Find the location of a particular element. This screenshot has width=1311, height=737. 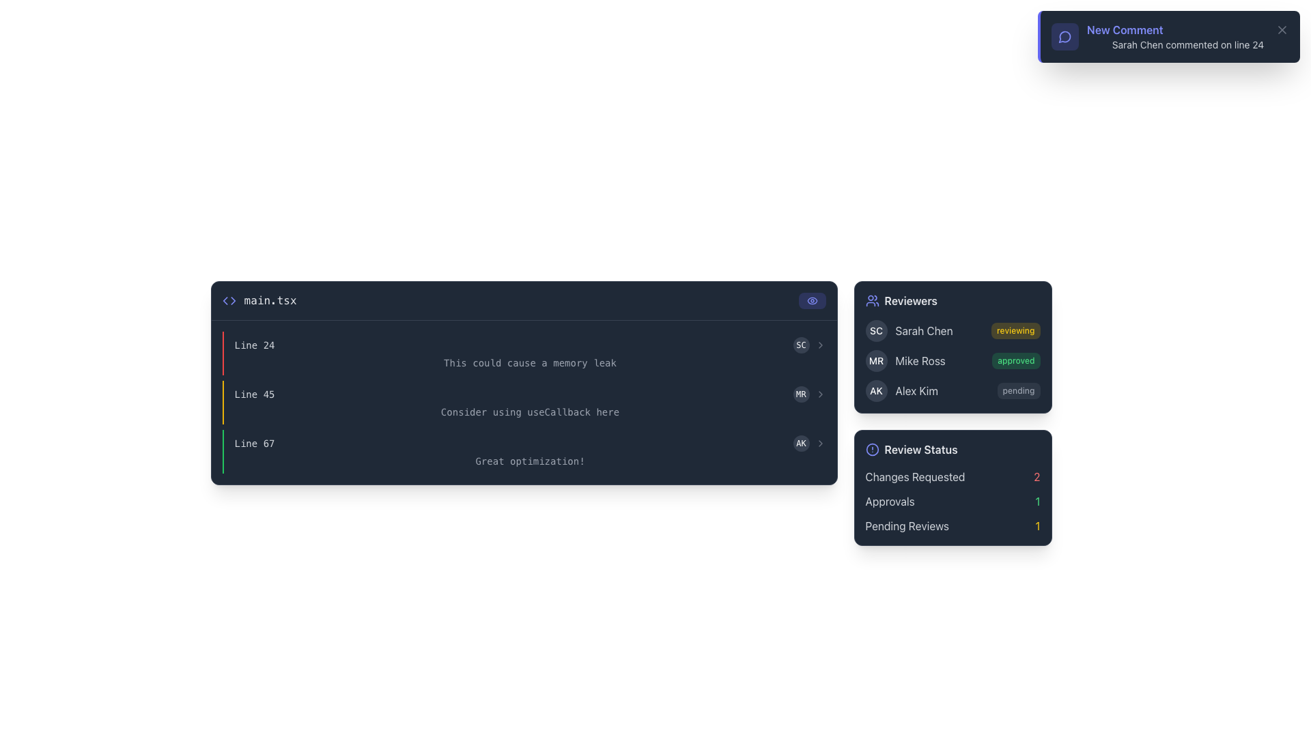

the small circular badge with gray background and white initials 'MR' located is located at coordinates (809, 394).